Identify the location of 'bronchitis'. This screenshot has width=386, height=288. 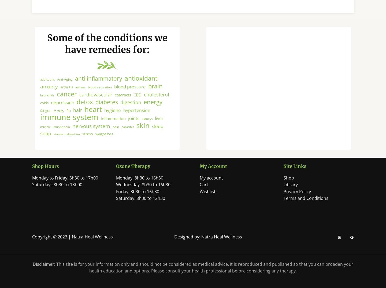
(47, 100).